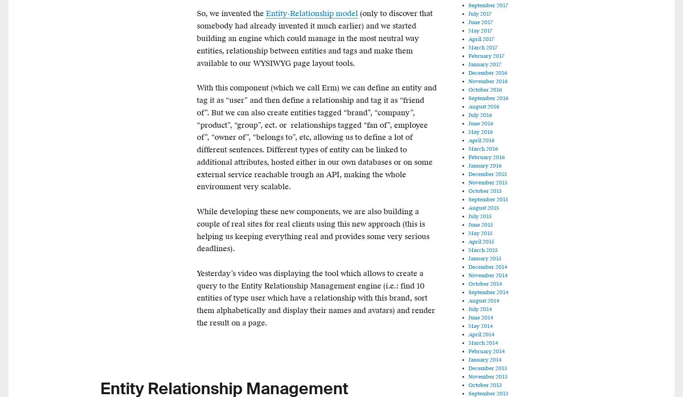 The image size is (683, 397). I want to click on 'March 2014', so click(468, 343).